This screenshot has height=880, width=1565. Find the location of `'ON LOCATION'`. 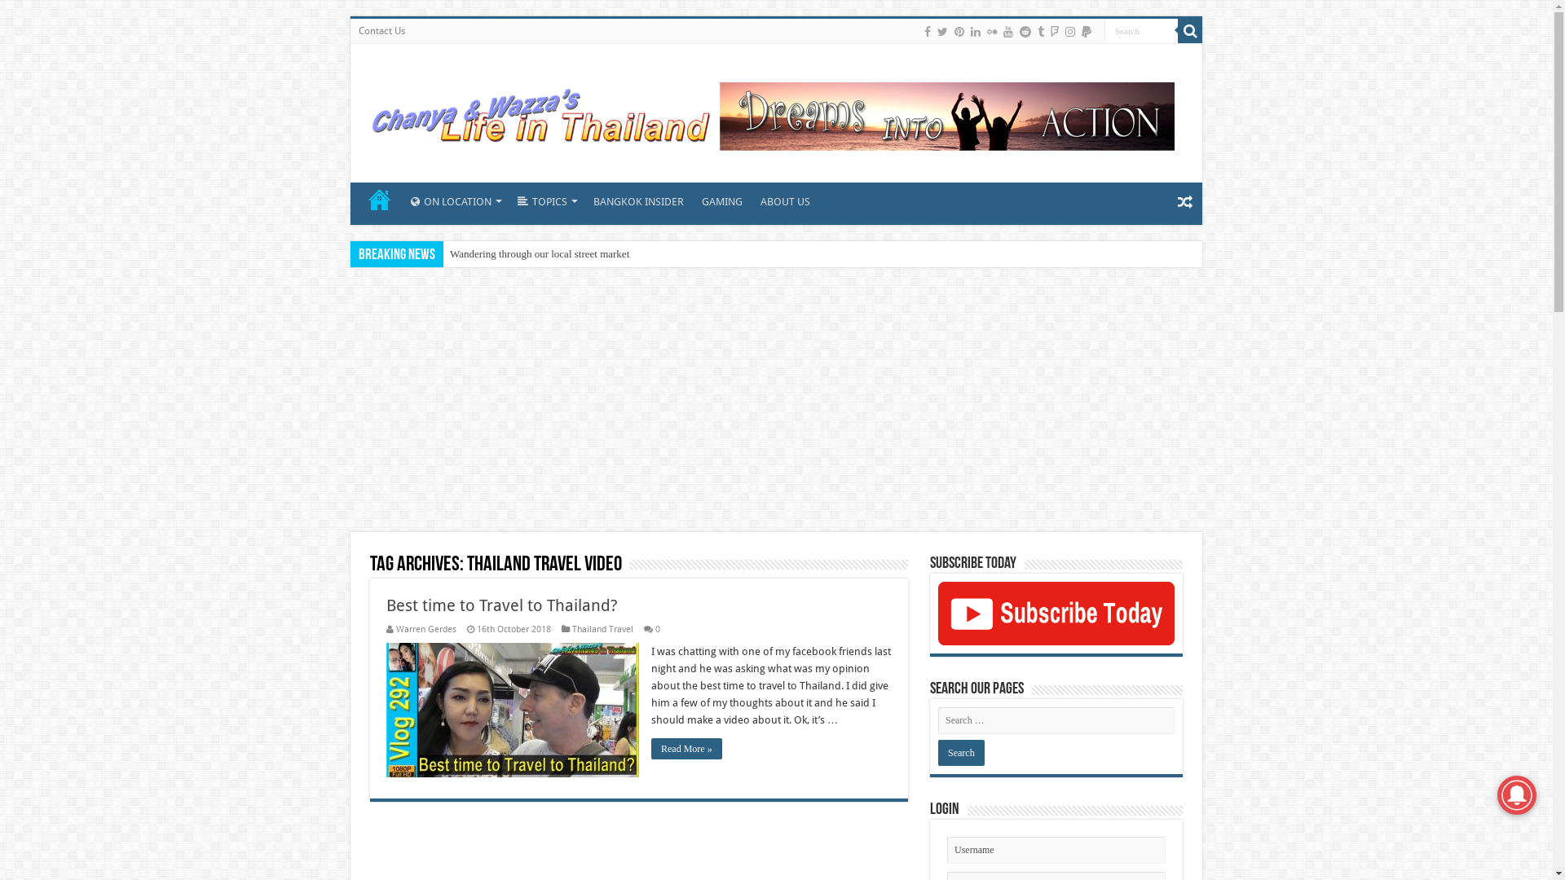

'ON LOCATION' is located at coordinates (454, 199).